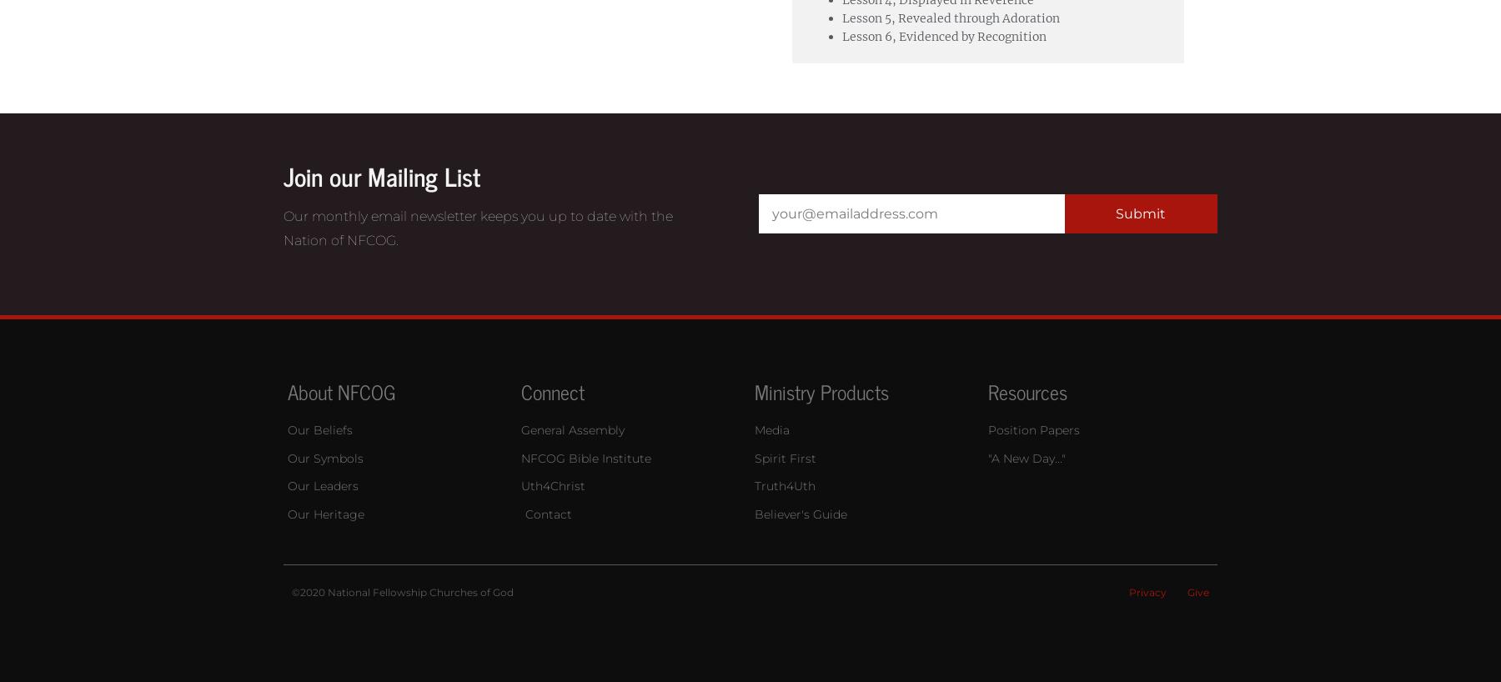  What do you see at coordinates (986, 456) in the screenshot?
I see `'"A New Day..."'` at bounding box center [986, 456].